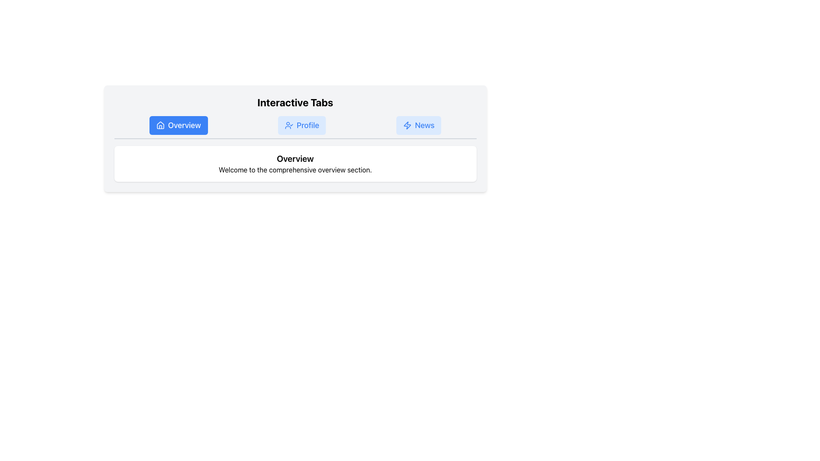 The image size is (820, 461). What do you see at coordinates (295, 169) in the screenshot?
I see `the text element displaying 'Welcome to the comprehensive overview section.' which is positioned beneath the title 'Overview'` at bounding box center [295, 169].